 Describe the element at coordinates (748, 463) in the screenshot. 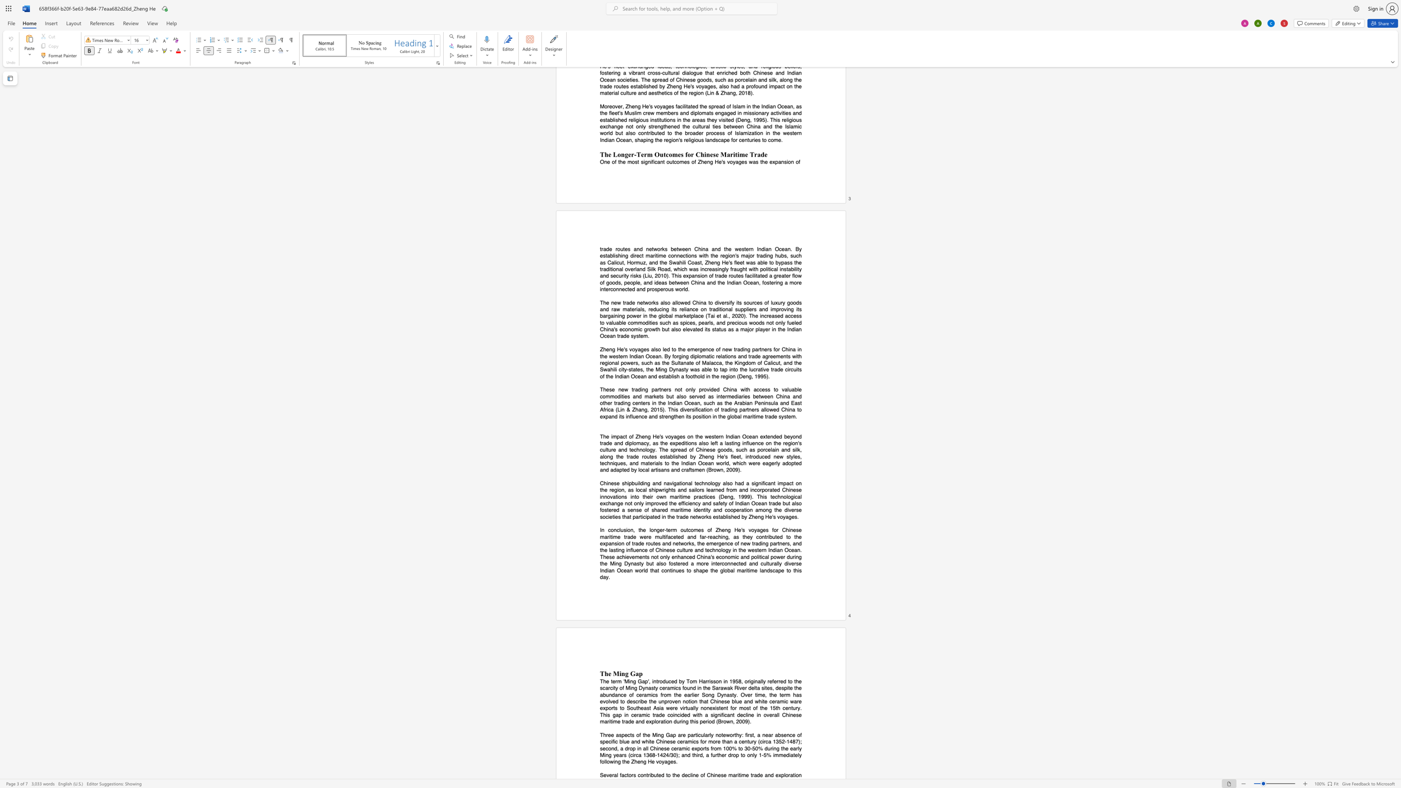

I see `the subset text "were eagerly adopted and adapted by local artisans and craftsmen (Brown, 2" within the text "by Zheng He"` at that location.